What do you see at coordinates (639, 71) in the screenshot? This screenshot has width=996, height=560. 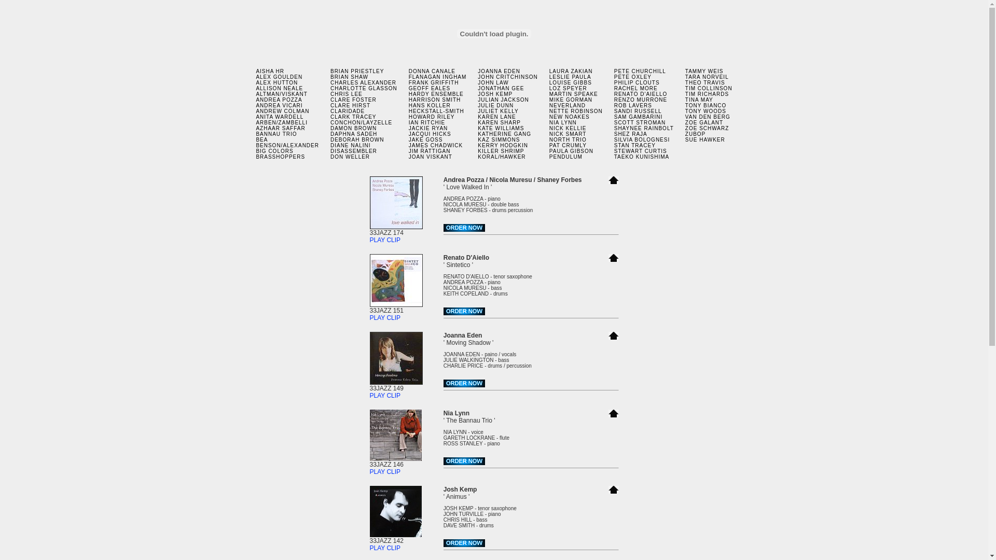 I see `'PETE CHURCHILL'` at bounding box center [639, 71].